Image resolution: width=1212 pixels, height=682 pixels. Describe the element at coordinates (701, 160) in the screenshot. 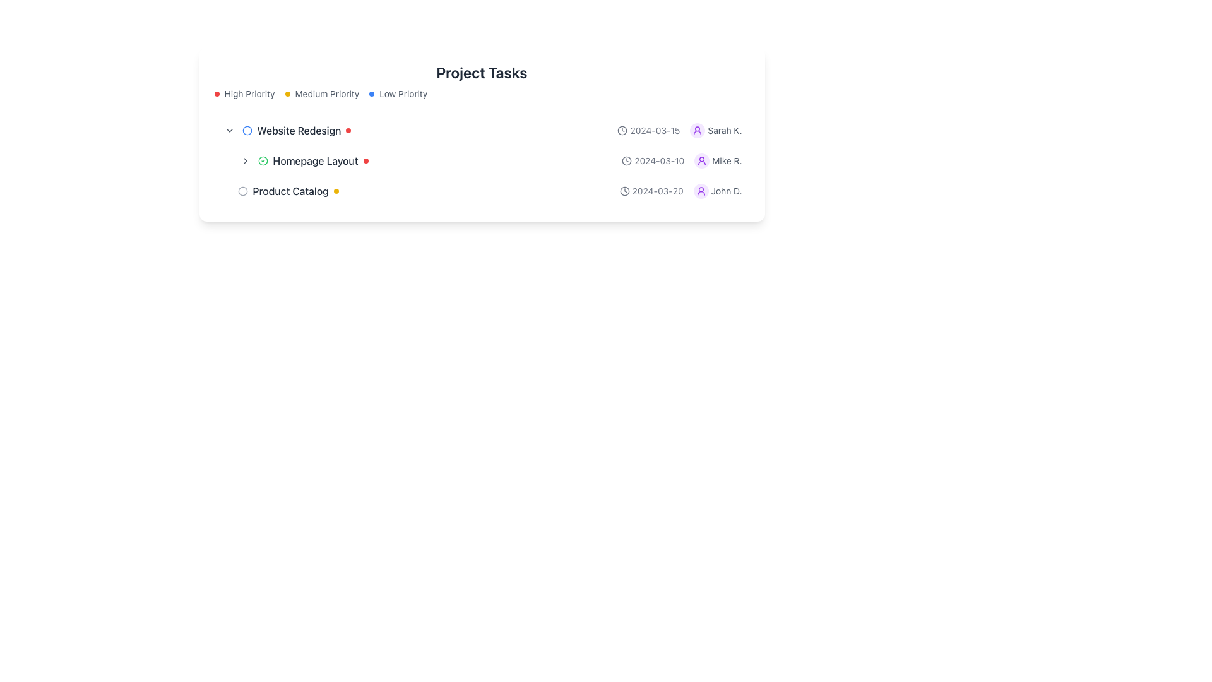

I see `the Decorative icon, which is a circular icon with a light purple background and a user silhouette in the center, located to the left of the text 'Mike R.' in the row corresponding to the date '2024-03-10'` at that location.